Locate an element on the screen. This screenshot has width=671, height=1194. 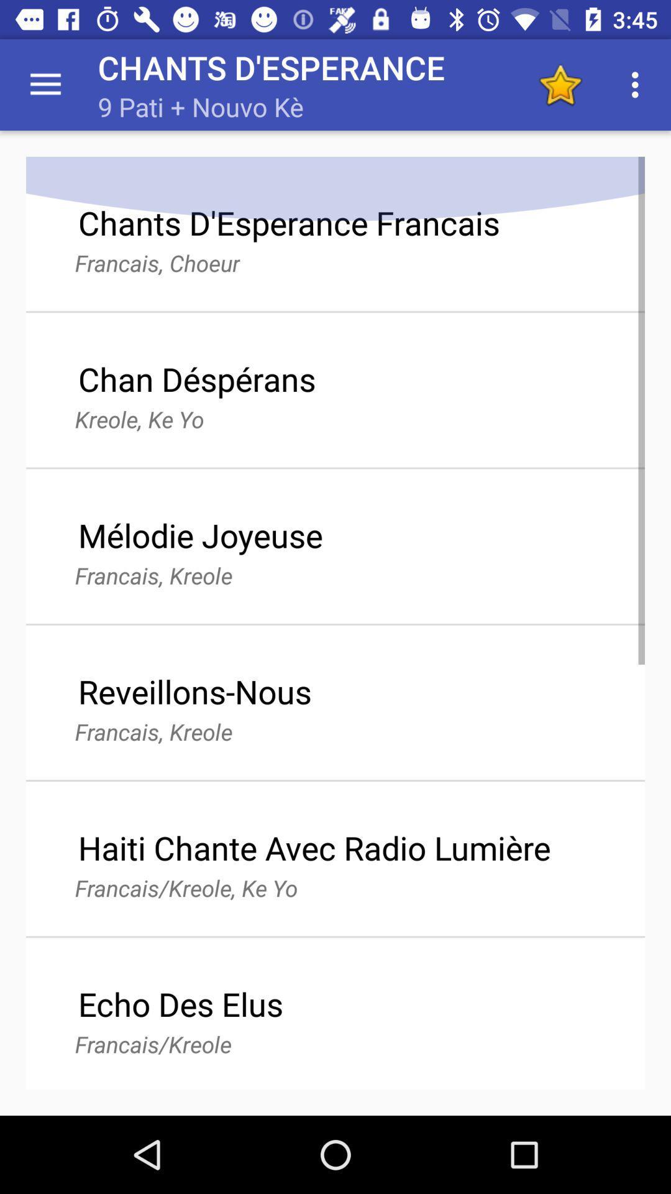
toggle is located at coordinates (560, 84).